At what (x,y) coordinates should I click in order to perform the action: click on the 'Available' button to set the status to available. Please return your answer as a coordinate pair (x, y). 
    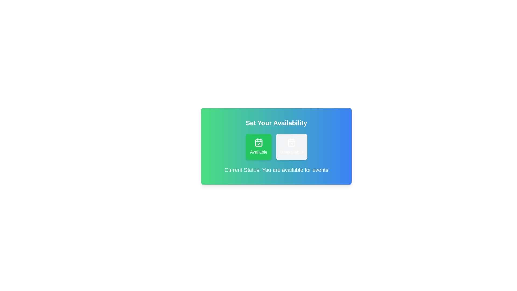
    Looking at the image, I should click on (258, 147).